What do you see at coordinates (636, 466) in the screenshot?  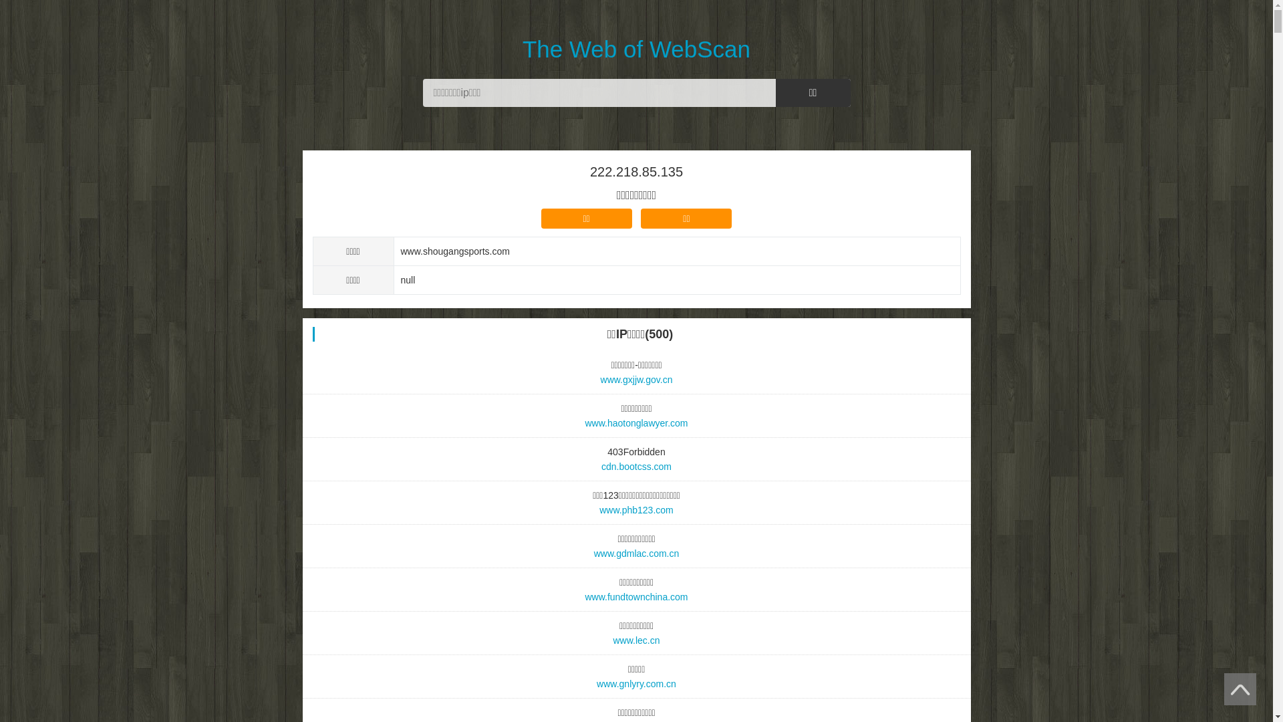 I see `'cdn.bootcss.com'` at bounding box center [636, 466].